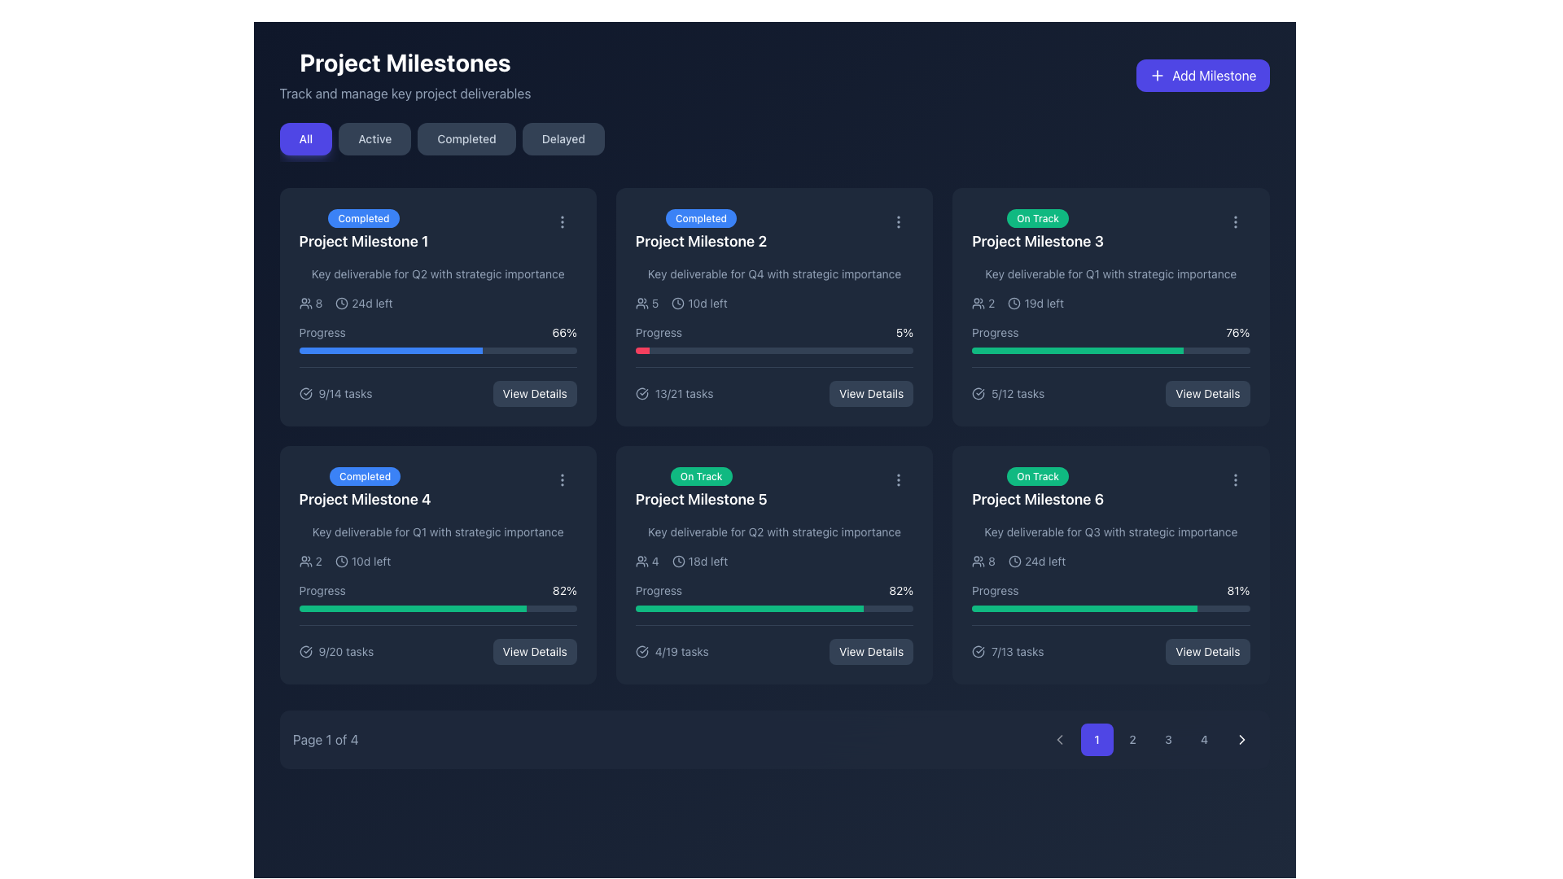  I want to click on the 'next' button with a rounded shape and a dark background, located at the far right of the pagination section, so click(1241, 740).